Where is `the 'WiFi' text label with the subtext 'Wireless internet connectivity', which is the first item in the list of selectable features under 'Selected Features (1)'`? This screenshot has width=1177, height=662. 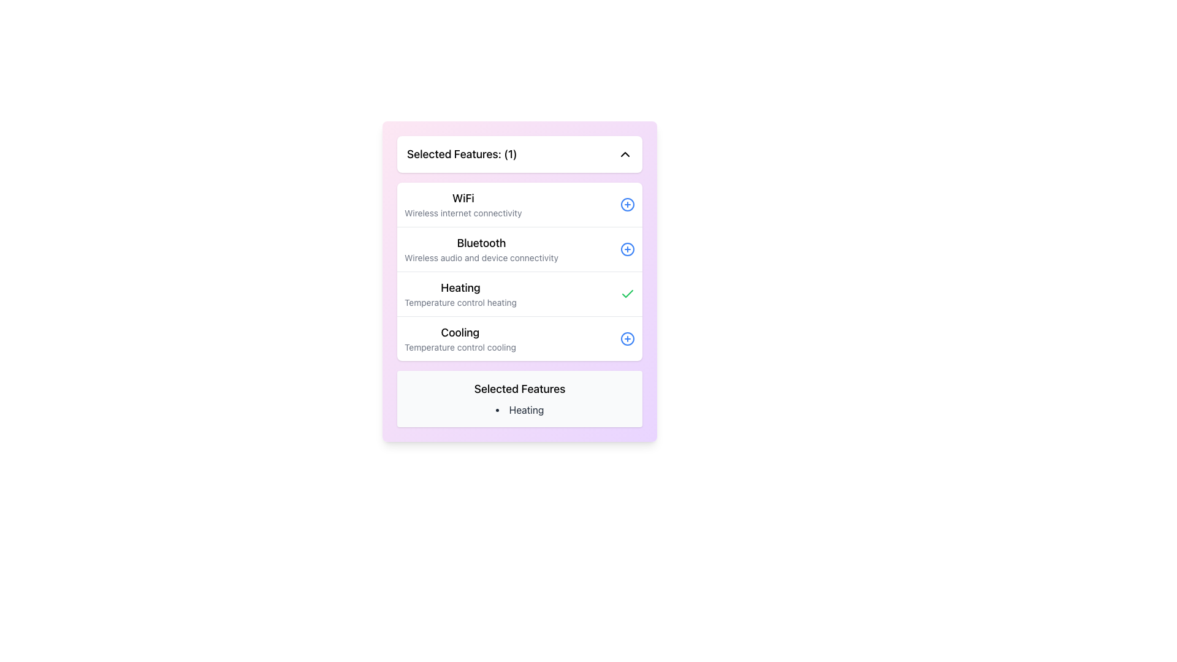
the 'WiFi' text label with the subtext 'Wireless internet connectivity', which is the first item in the list of selectable features under 'Selected Features (1)' is located at coordinates (462, 204).